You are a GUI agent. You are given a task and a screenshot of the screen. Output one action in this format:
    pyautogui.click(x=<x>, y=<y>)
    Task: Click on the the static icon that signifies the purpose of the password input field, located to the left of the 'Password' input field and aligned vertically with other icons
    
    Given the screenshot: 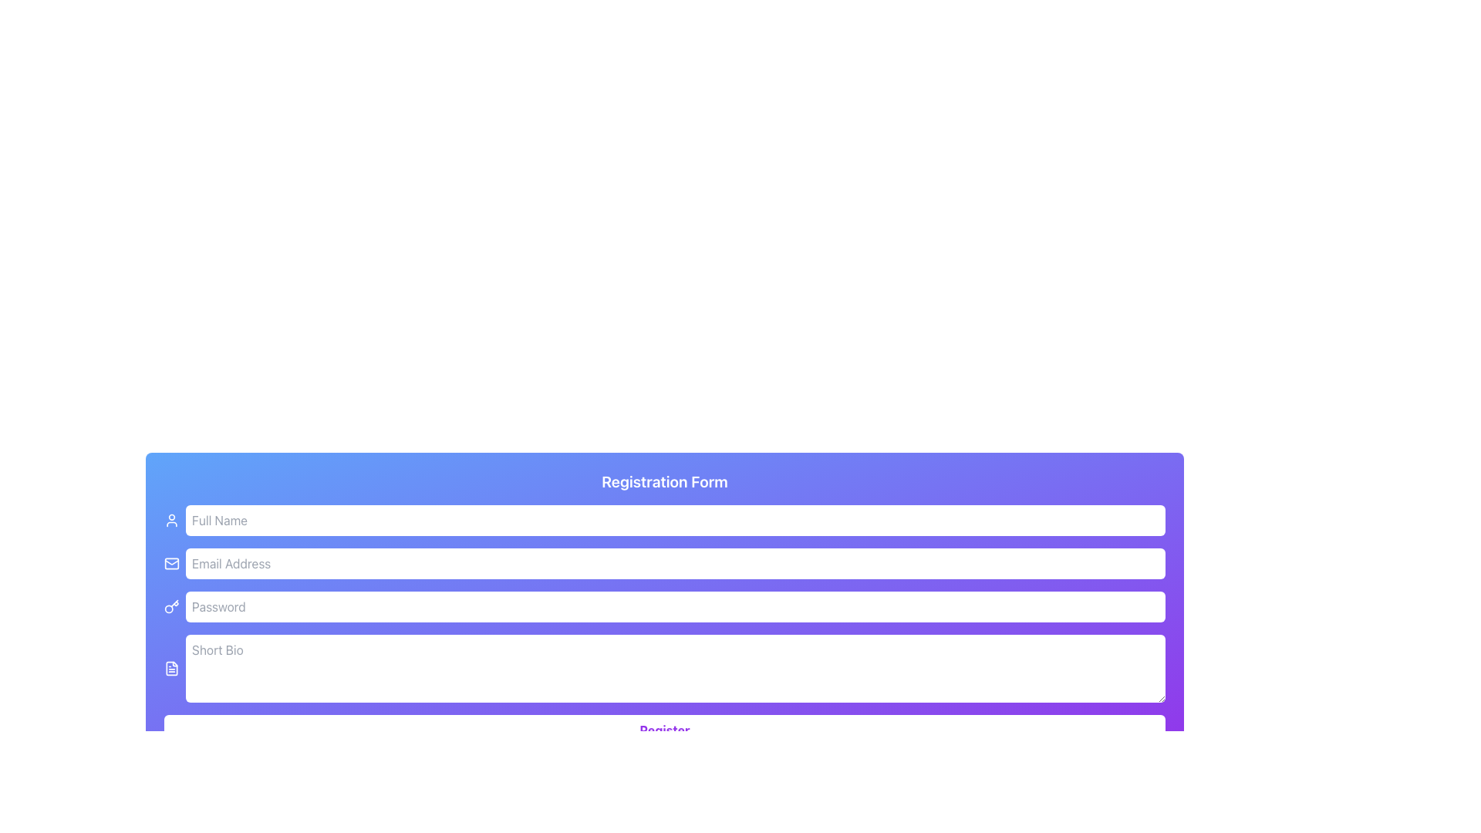 What is the action you would take?
    pyautogui.click(x=171, y=605)
    